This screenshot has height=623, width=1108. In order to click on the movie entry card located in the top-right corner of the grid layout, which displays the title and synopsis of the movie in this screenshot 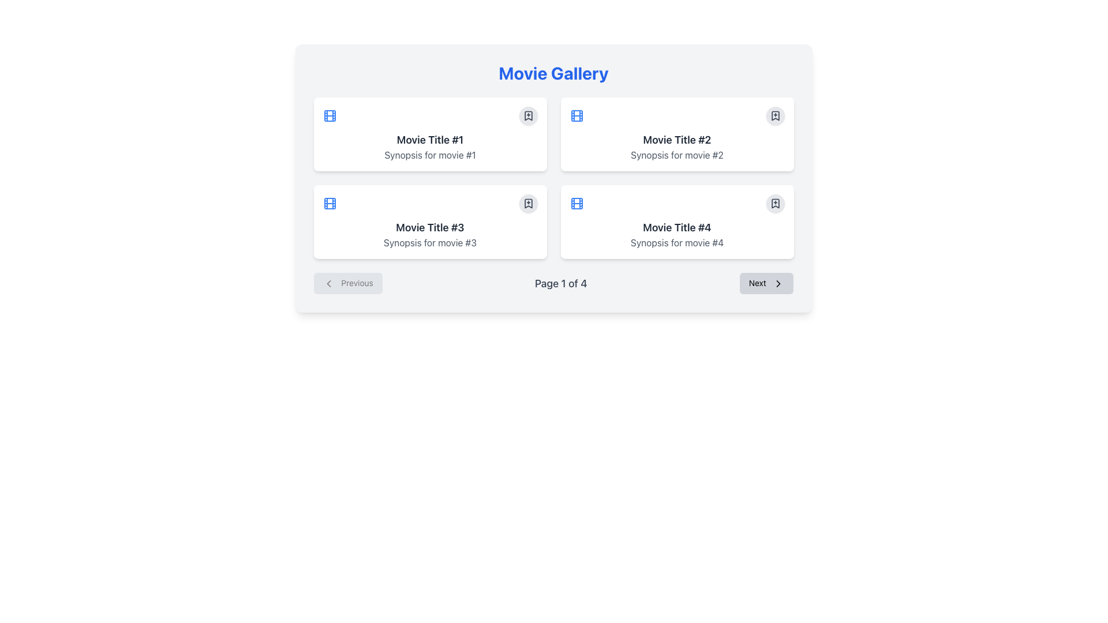, I will do `click(677, 133)`.